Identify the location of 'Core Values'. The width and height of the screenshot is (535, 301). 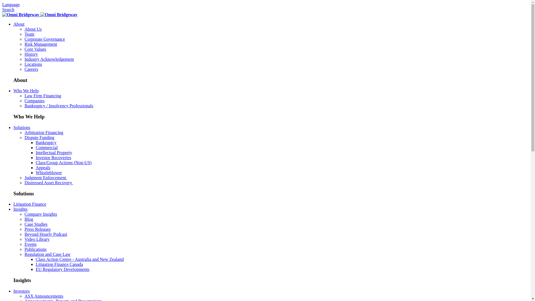
(35, 49).